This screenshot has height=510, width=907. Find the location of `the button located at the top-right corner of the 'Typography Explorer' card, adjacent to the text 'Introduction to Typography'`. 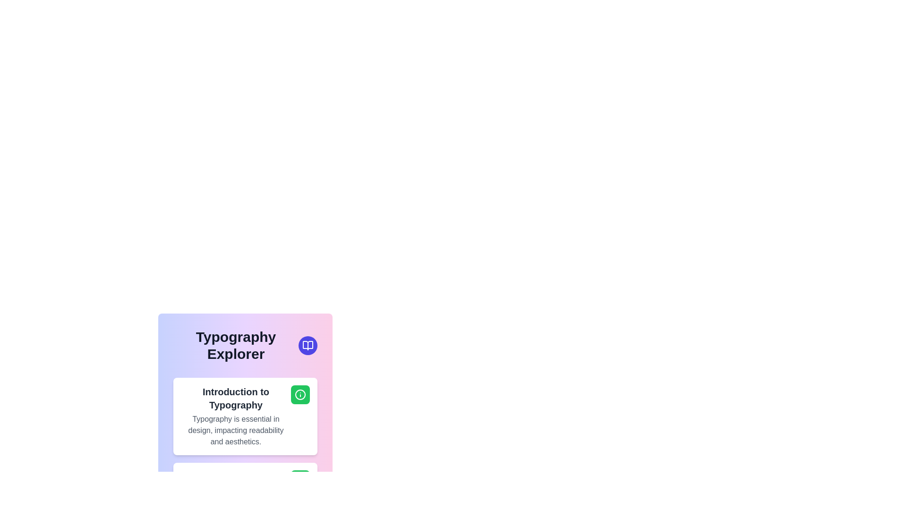

the button located at the top-right corner of the 'Typography Explorer' card, adjacent to the text 'Introduction to Typography' is located at coordinates (299, 395).